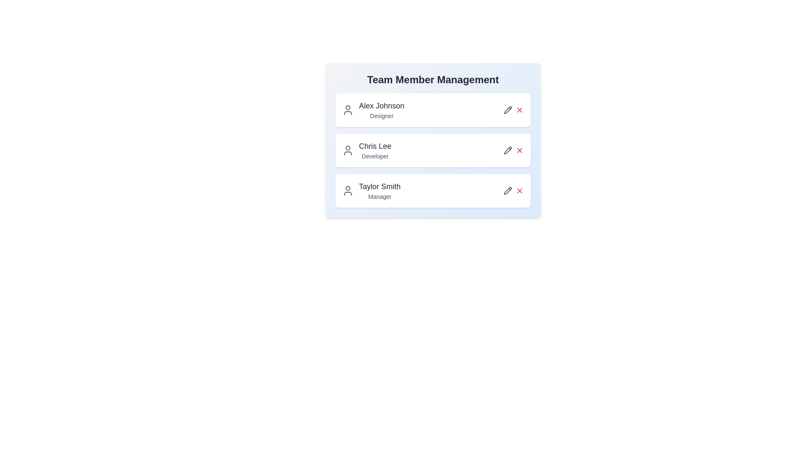 The height and width of the screenshot is (454, 808). Describe the element at coordinates (348, 110) in the screenshot. I see `the user icon for Alex Johnson` at that location.